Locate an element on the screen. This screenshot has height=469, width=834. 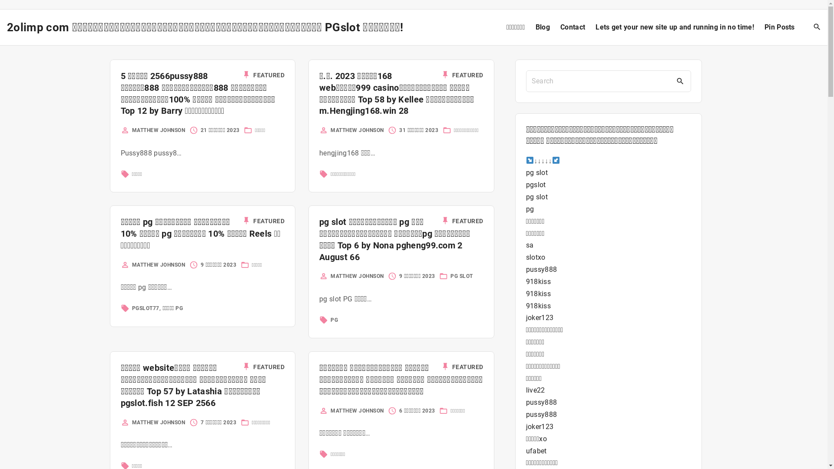
'918kiss' is located at coordinates (538, 305).